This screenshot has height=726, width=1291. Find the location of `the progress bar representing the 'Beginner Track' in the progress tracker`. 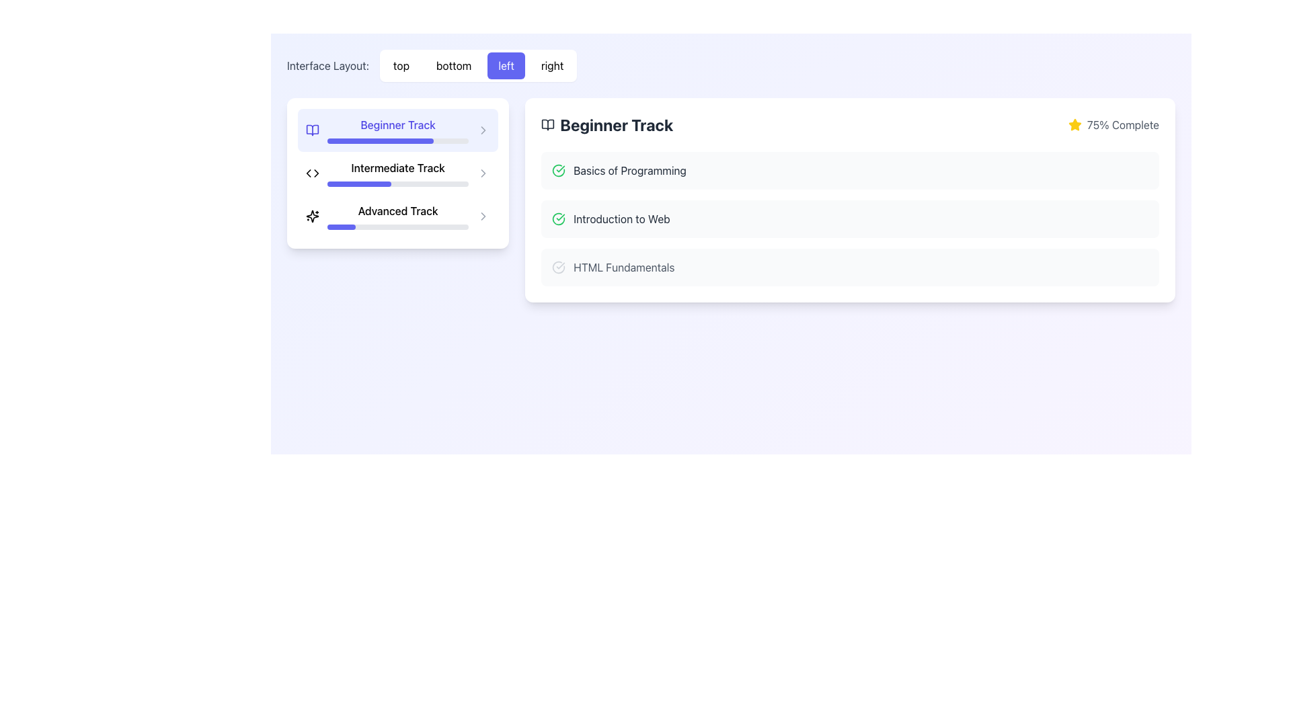

the progress bar representing the 'Beginner Track' in the progress tracker is located at coordinates (379, 140).